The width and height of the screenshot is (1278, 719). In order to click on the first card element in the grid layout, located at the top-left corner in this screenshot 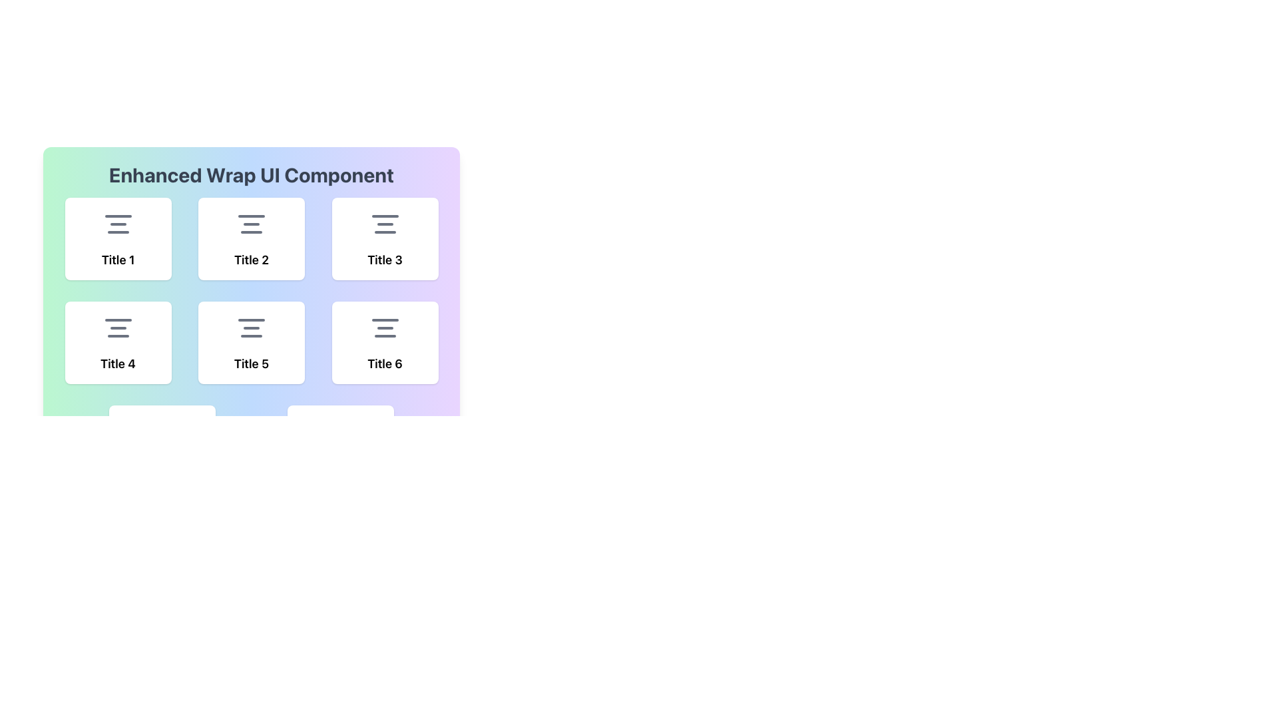, I will do `click(118, 238)`.